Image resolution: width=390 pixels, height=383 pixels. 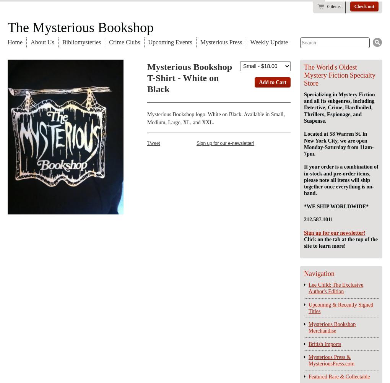 What do you see at coordinates (190, 78) in the screenshot?
I see `'Mysterious Bookshop T-Shirt - White on Black'` at bounding box center [190, 78].